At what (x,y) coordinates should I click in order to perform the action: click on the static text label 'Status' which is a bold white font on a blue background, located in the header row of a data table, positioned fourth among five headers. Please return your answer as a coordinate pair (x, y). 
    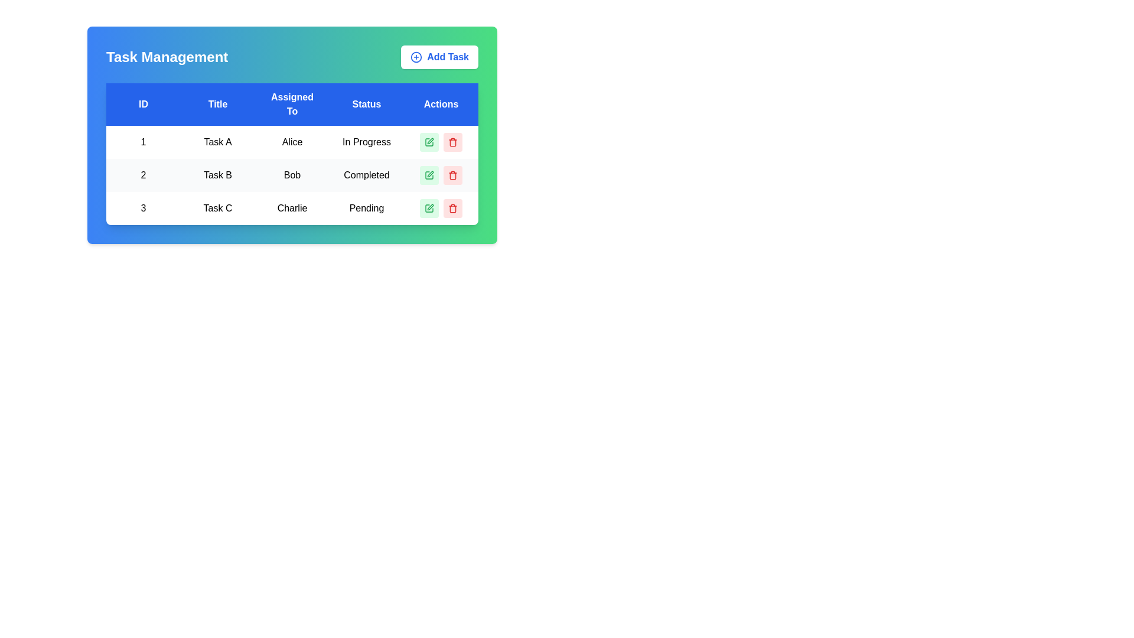
    Looking at the image, I should click on (366, 104).